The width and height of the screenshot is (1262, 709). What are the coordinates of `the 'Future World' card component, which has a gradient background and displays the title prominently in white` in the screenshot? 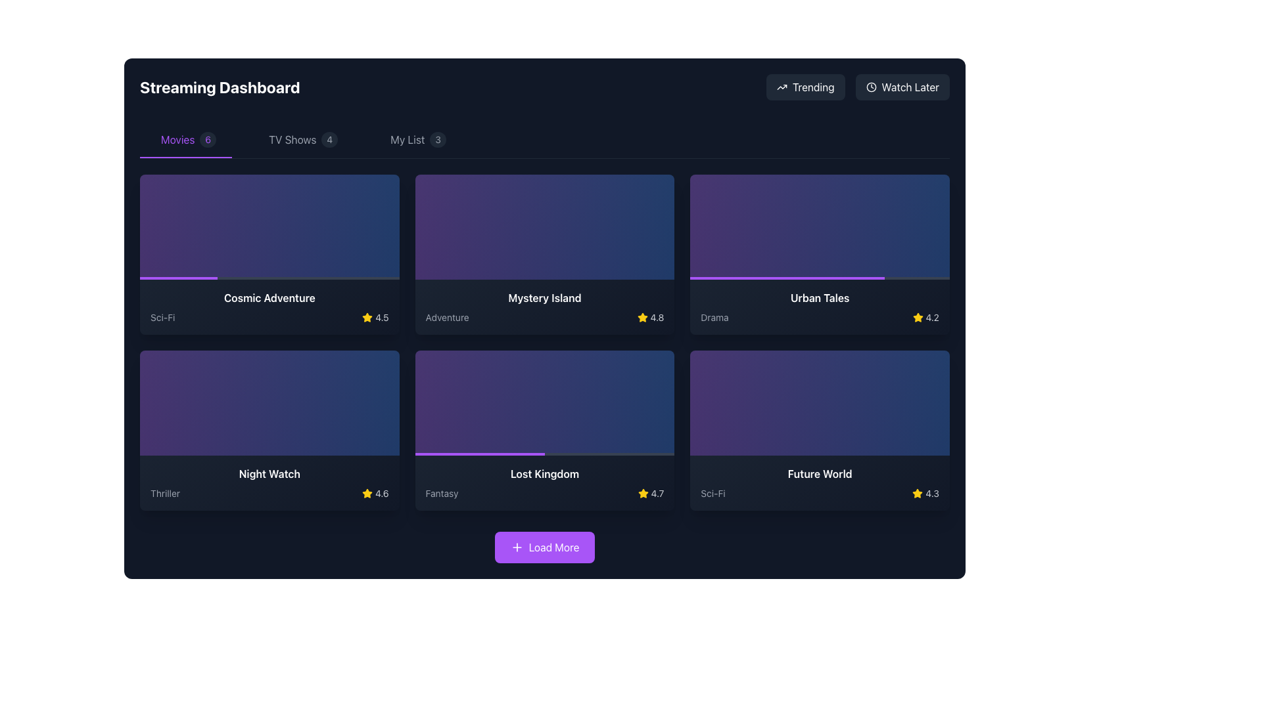 It's located at (819, 483).